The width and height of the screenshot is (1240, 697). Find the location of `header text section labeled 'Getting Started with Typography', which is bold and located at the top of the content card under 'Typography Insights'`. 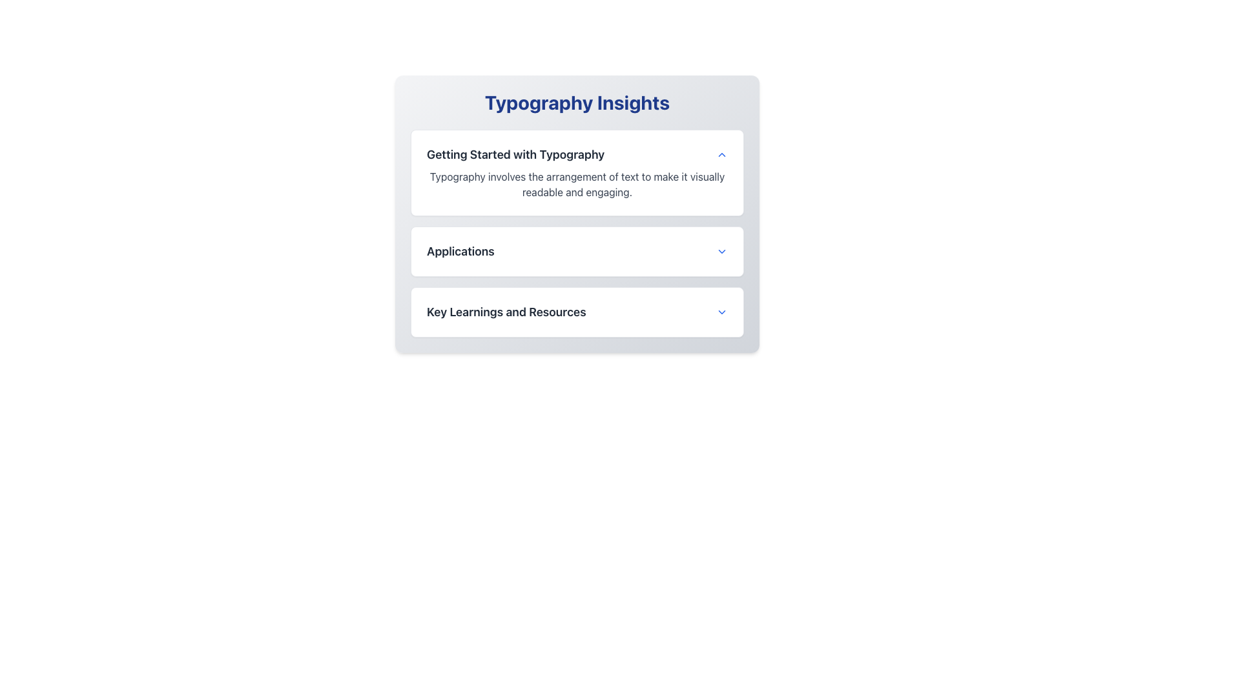

header text section labeled 'Getting Started with Typography', which is bold and located at the top of the content card under 'Typography Insights' is located at coordinates (576, 154).